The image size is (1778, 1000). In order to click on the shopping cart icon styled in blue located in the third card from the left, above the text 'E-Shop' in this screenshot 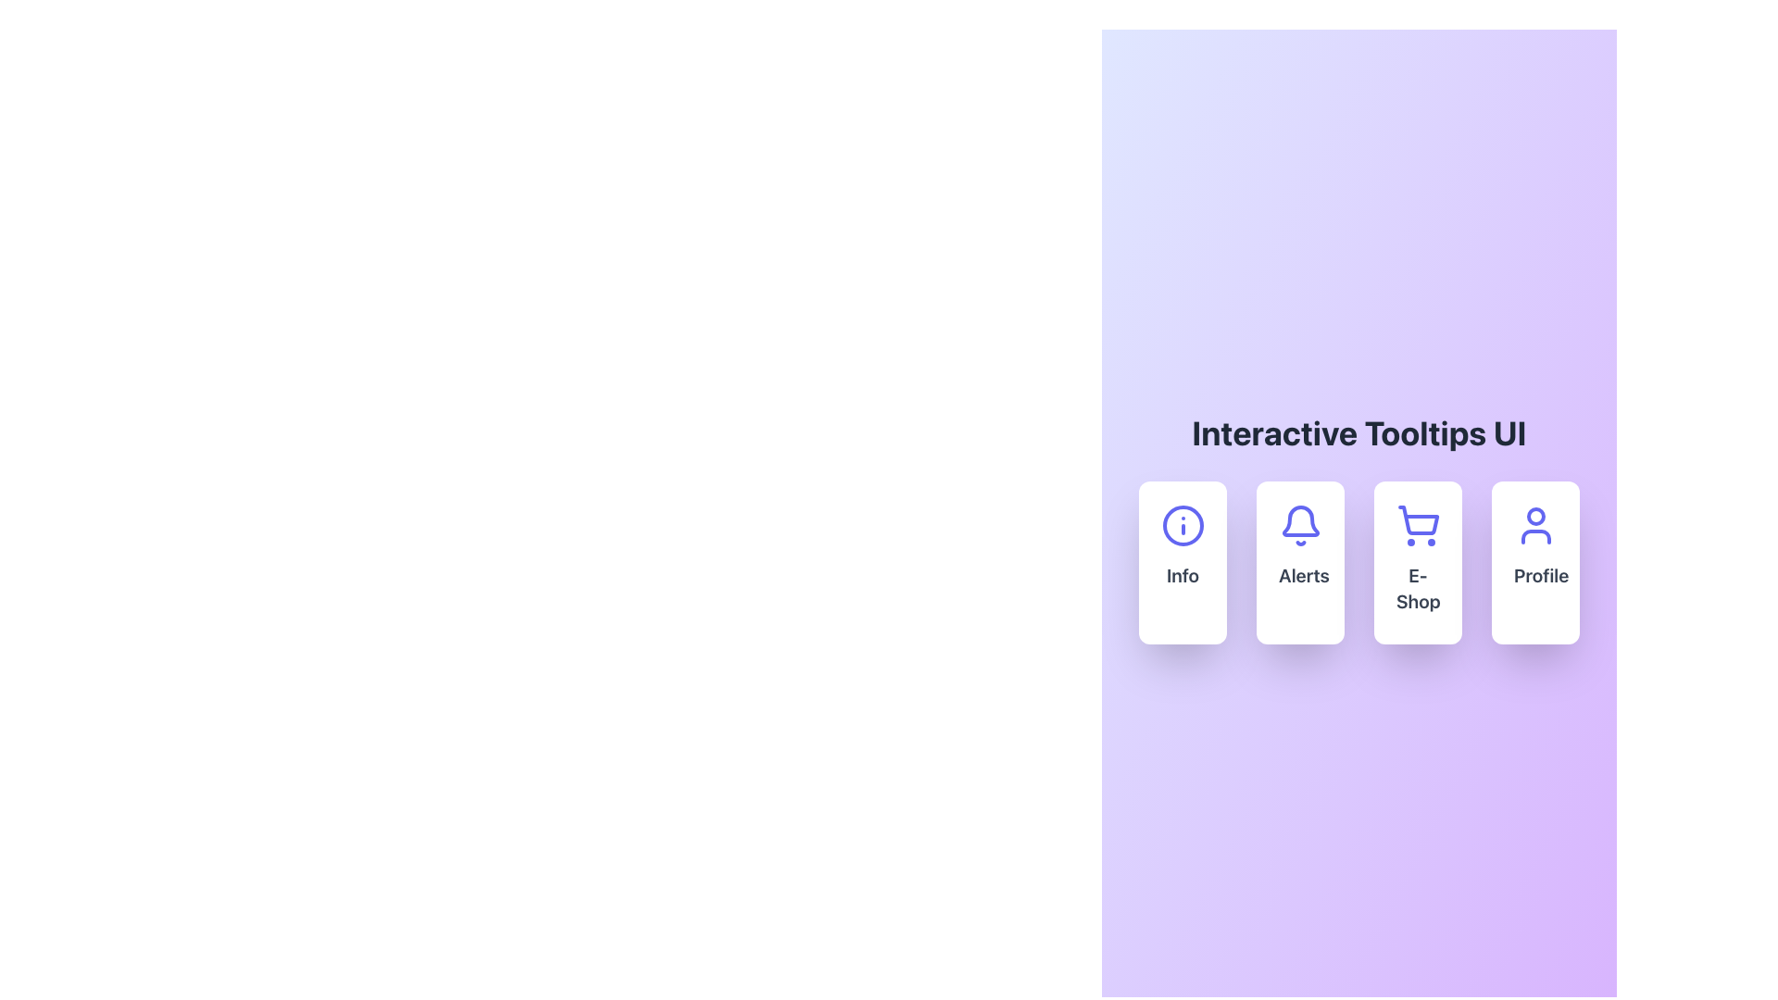, I will do `click(1417, 525)`.